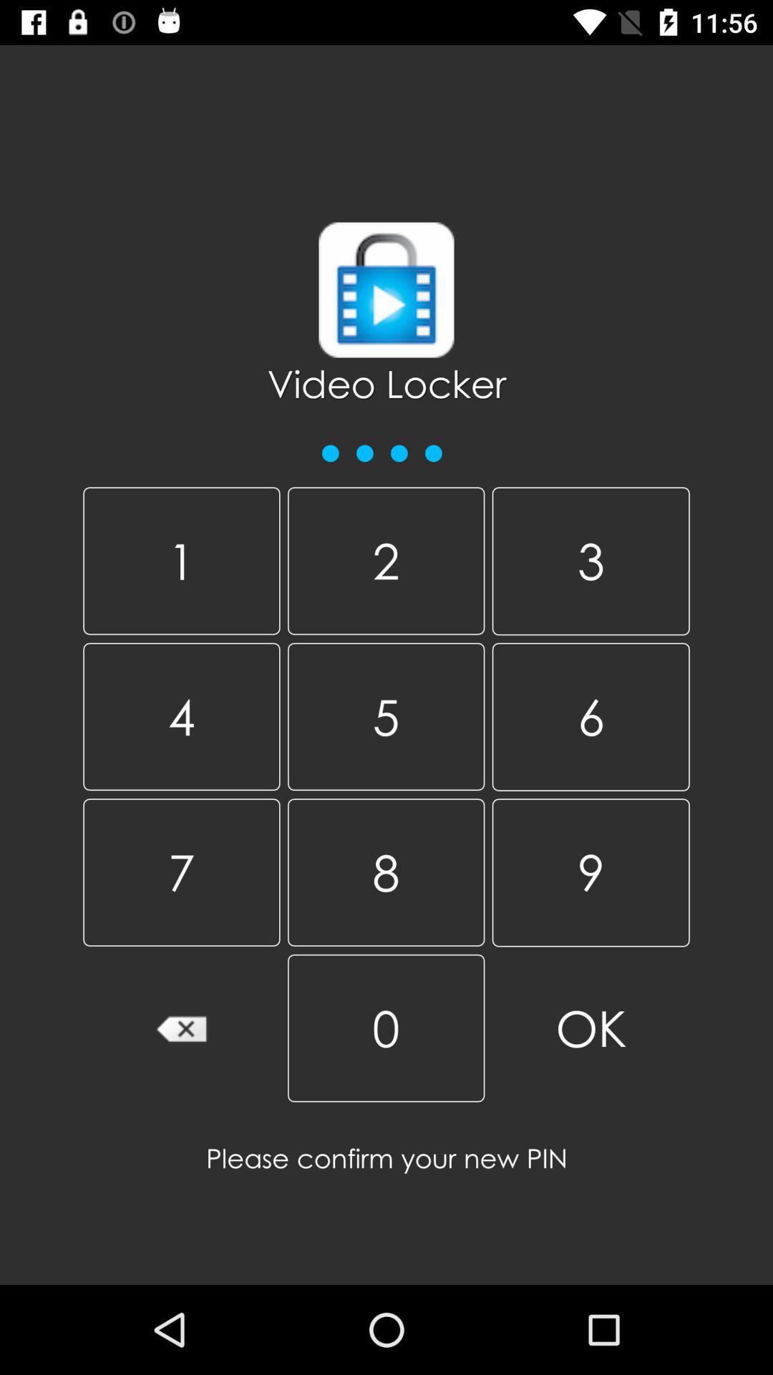  Describe the element at coordinates (385, 560) in the screenshot. I see `icon to the right of the 1` at that location.